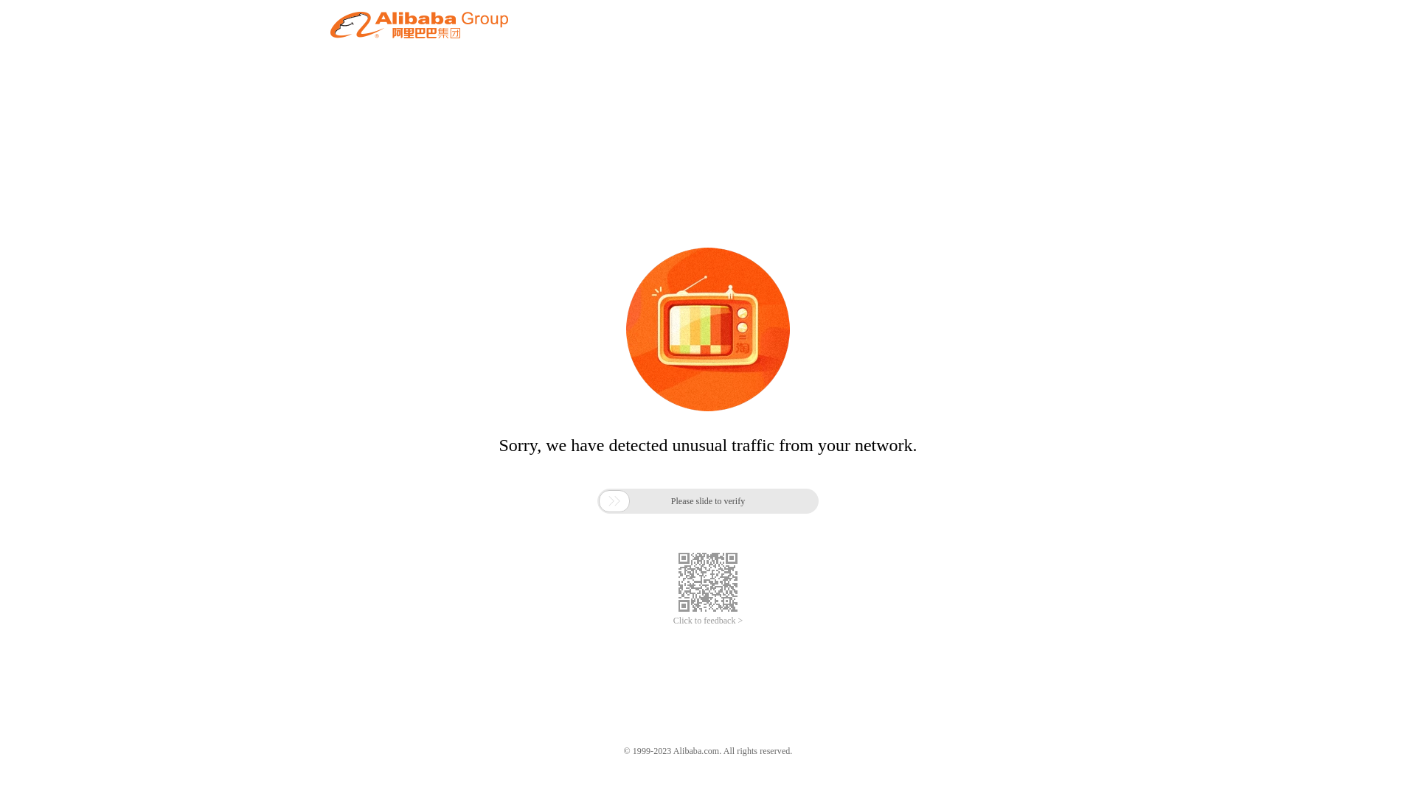 The height and width of the screenshot is (796, 1416). Describe the element at coordinates (708, 621) in the screenshot. I see `'Click to feedback >'` at that location.